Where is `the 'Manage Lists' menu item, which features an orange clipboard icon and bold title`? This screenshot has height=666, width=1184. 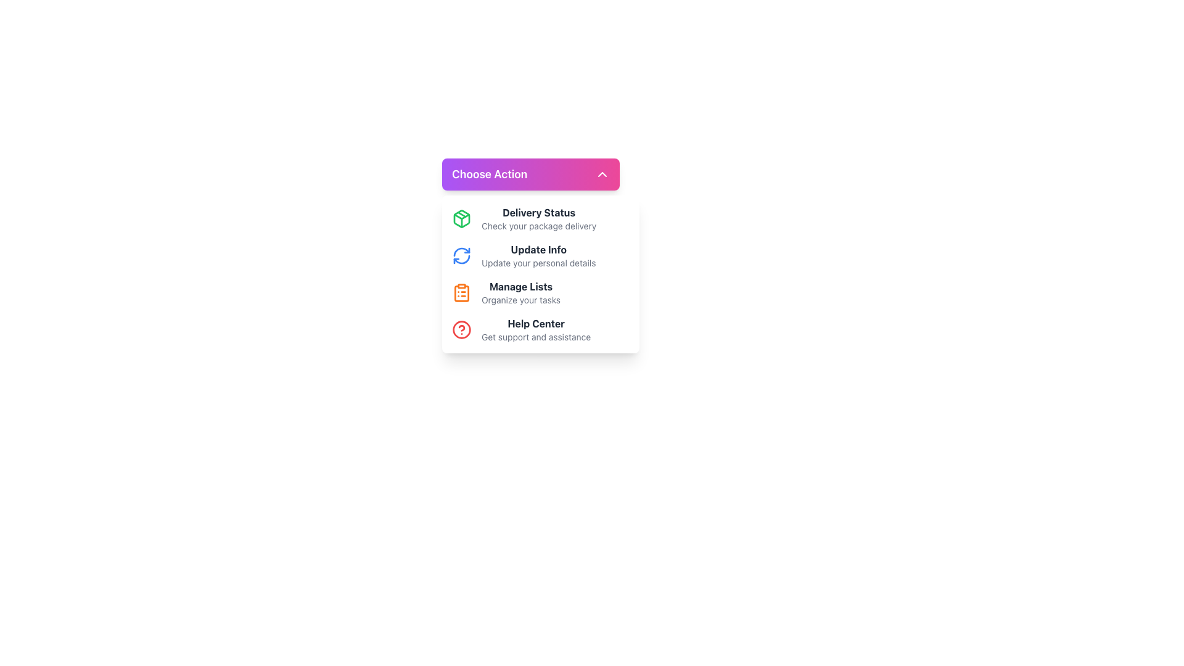
the 'Manage Lists' menu item, which features an orange clipboard icon and bold title is located at coordinates (541, 292).